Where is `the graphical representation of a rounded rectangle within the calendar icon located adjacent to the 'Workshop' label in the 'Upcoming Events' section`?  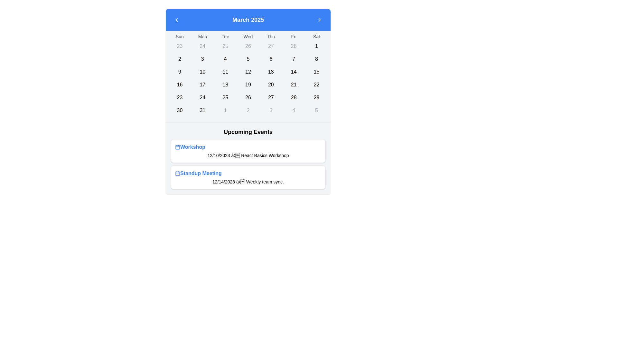 the graphical representation of a rounded rectangle within the calendar icon located adjacent to the 'Workshop' label in the 'Upcoming Events' section is located at coordinates (178, 173).